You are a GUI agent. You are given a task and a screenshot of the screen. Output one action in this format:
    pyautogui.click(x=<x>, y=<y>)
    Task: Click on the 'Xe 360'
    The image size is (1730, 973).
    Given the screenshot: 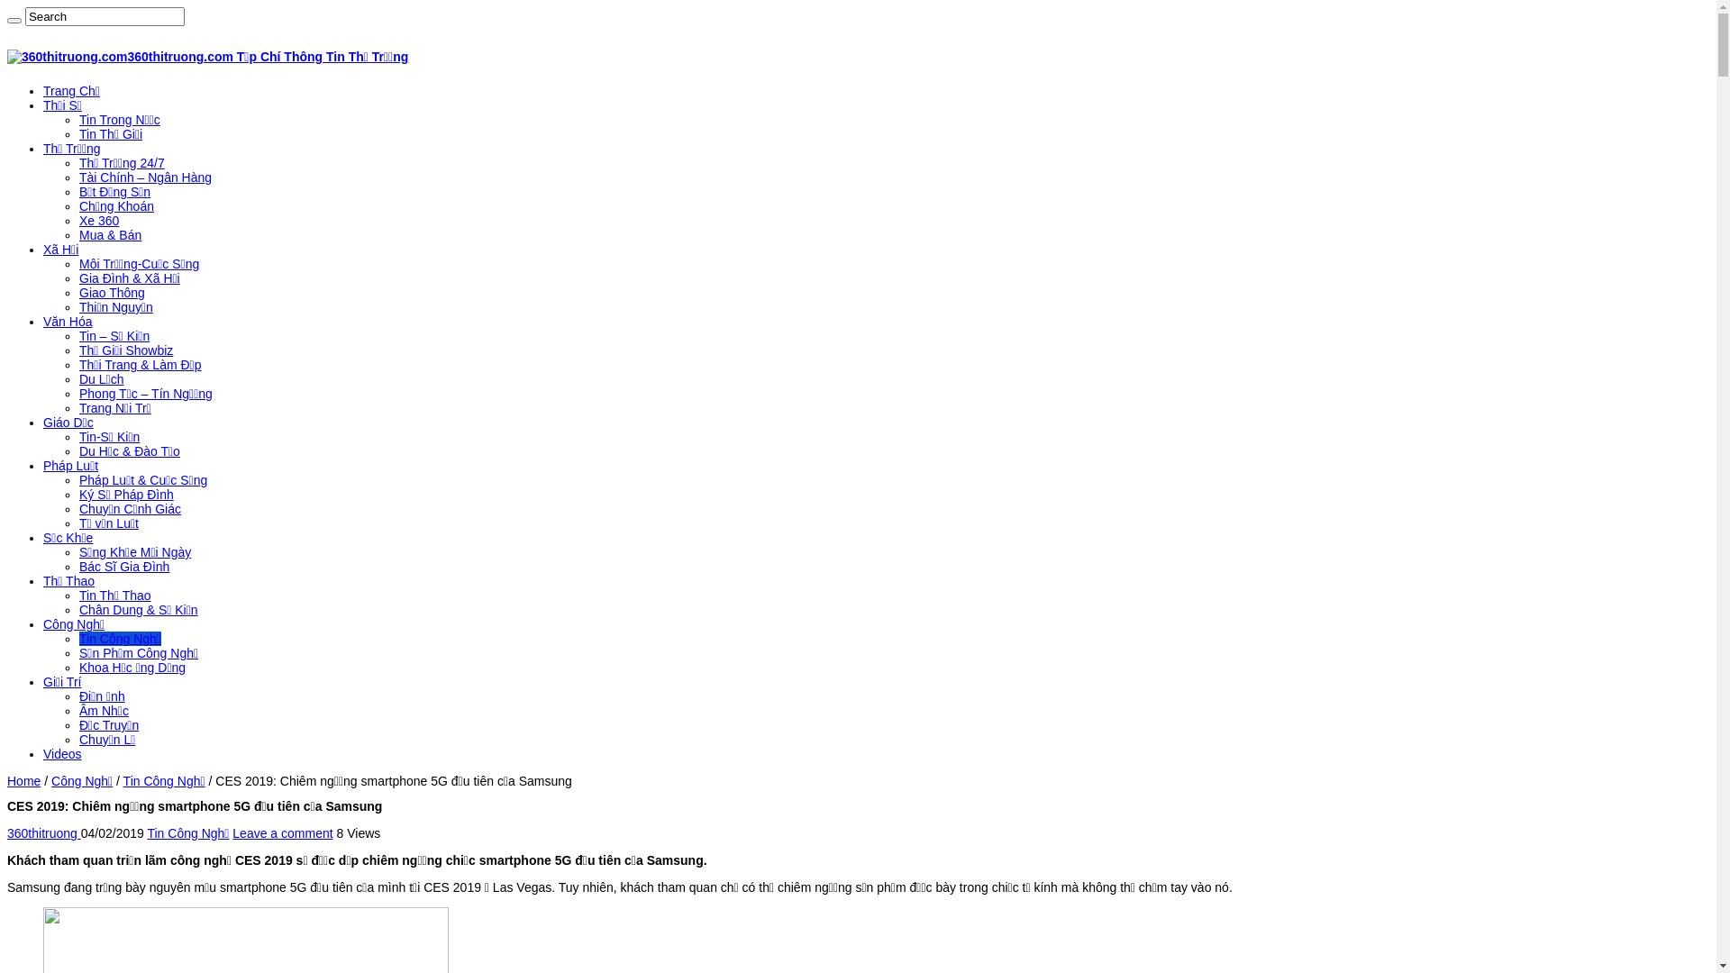 What is the action you would take?
    pyautogui.click(x=77, y=220)
    